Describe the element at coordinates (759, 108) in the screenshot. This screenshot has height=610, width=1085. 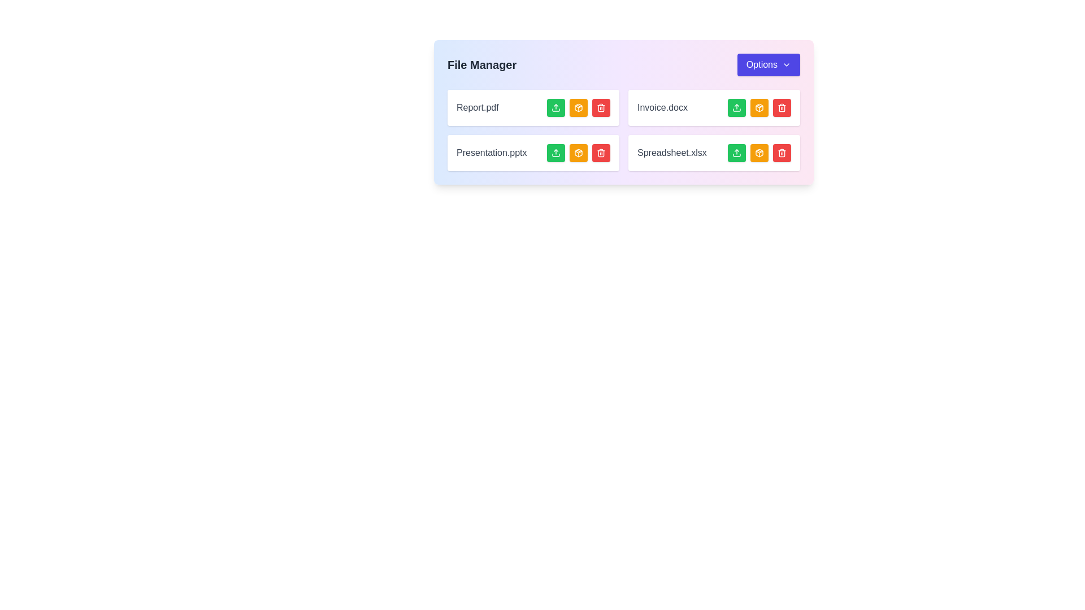
I see `the archive button located in the far-right column of the 'Invoice.docx' row, which is positioned to the right of the green upload button and to the left of the red delete button` at that location.